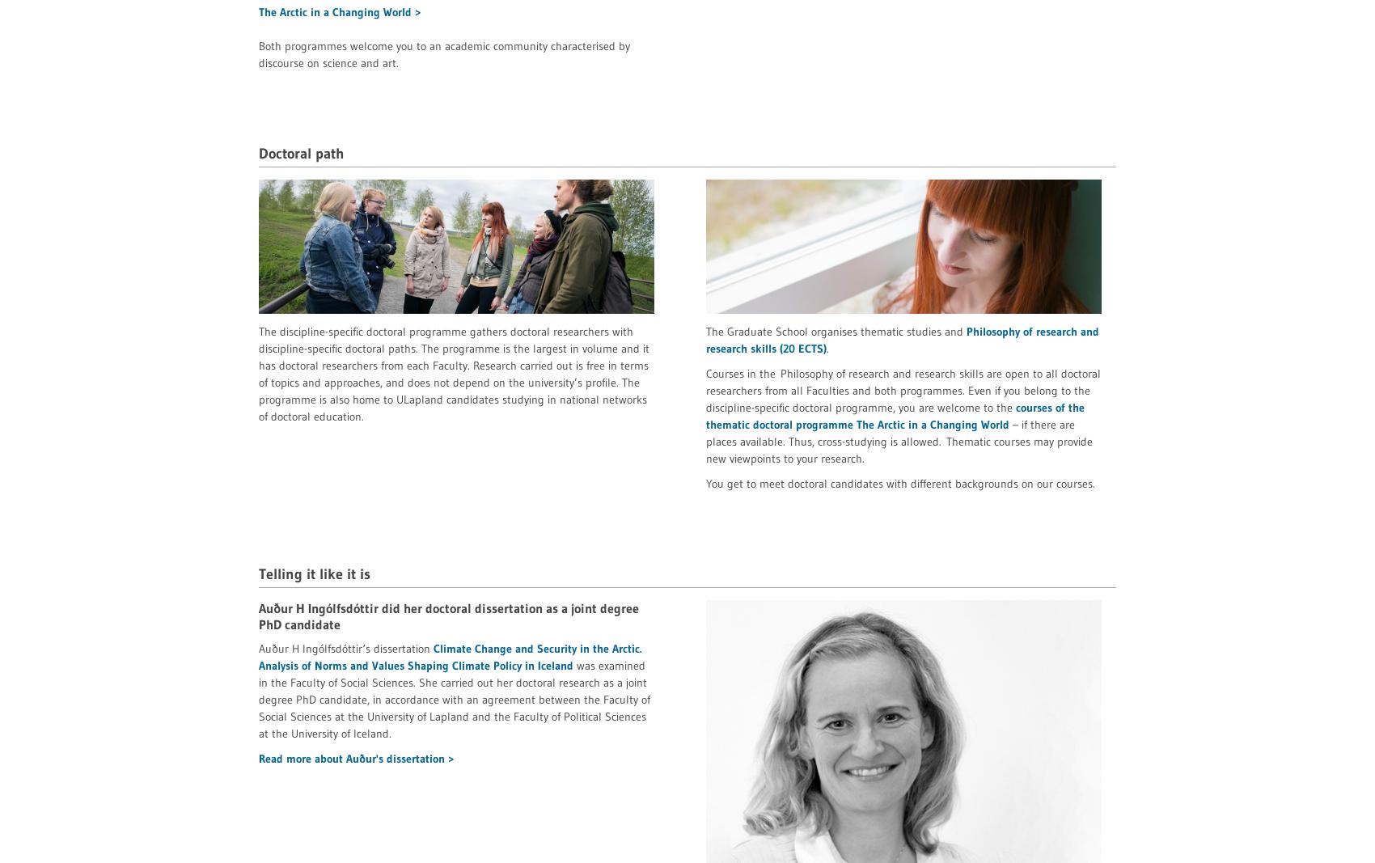 The height and width of the screenshot is (863, 1375). Describe the element at coordinates (825, 347) in the screenshot. I see `'.'` at that location.